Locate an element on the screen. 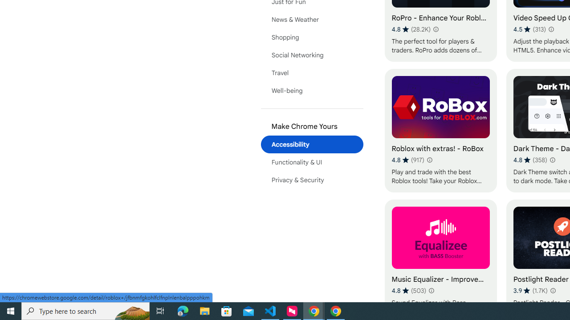 Image resolution: width=570 pixels, height=320 pixels. 'Social Networking' is located at coordinates (312, 55).